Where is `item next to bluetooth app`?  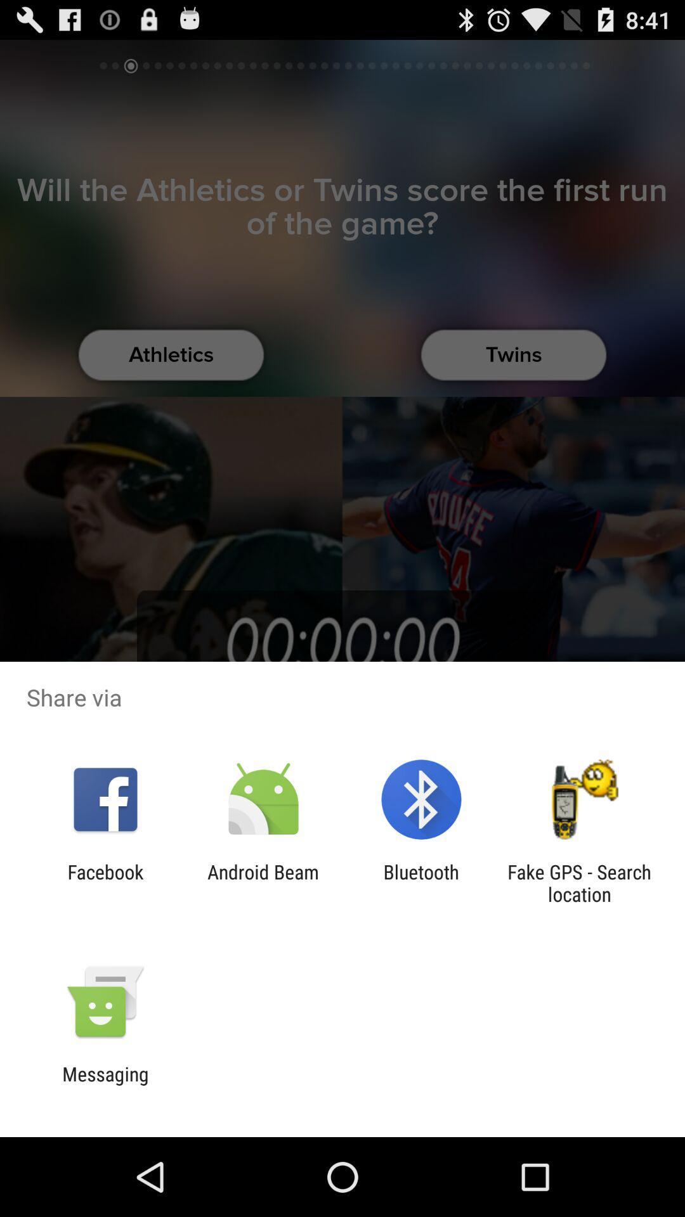 item next to bluetooth app is located at coordinates (579, 882).